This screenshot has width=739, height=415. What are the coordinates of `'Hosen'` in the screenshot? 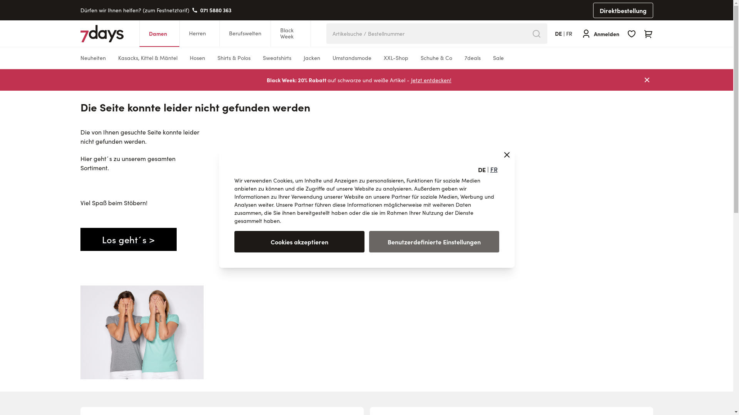 It's located at (197, 57).